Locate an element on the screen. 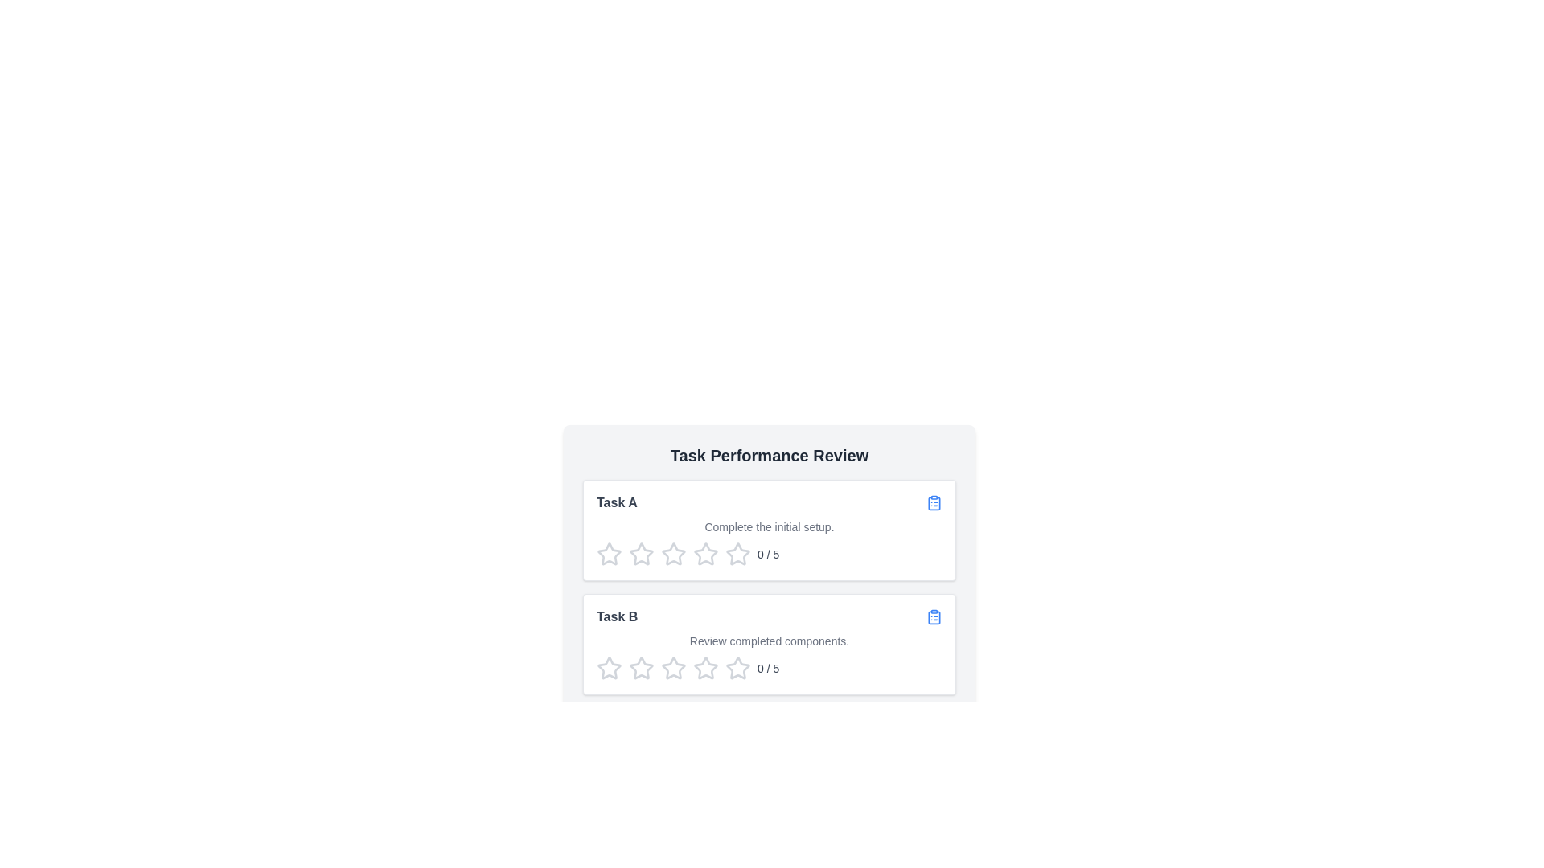 Image resolution: width=1544 pixels, height=868 pixels. the first star icon in the row of rating icons under 'Task A' in the 'Task Performance Review' section is located at coordinates (640, 553).